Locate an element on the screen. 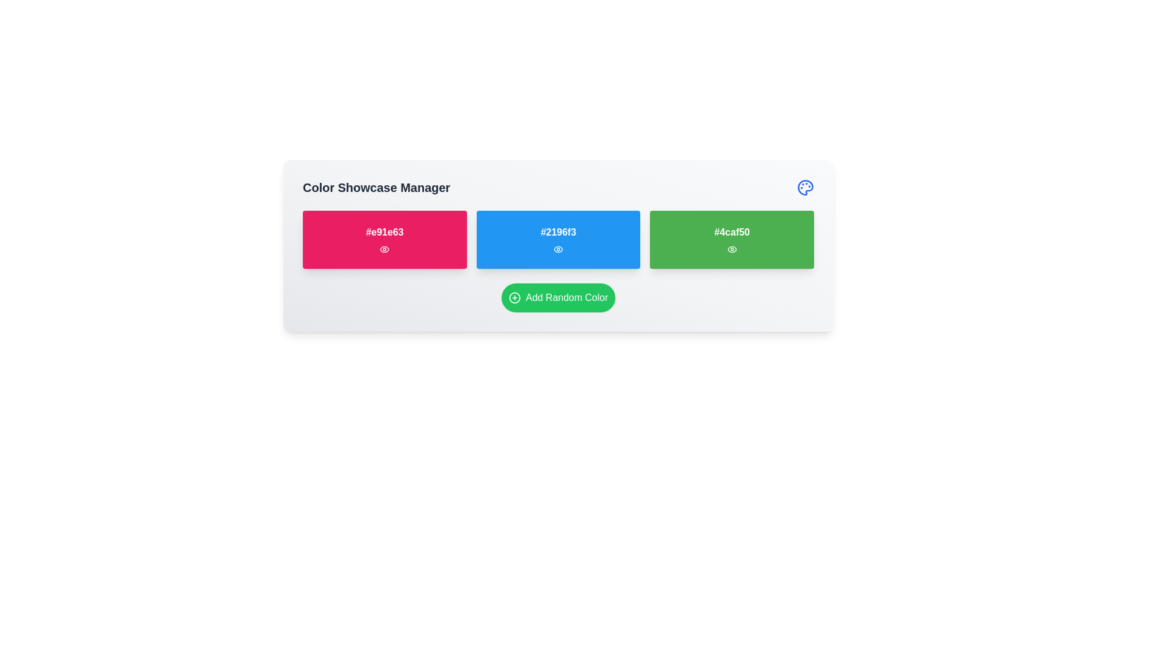 This screenshot has height=654, width=1163. the decorative plus-symbol graphic icon located at the center of the 'Add Random Color' button, which indicates addition or a new action is located at coordinates (514, 298).